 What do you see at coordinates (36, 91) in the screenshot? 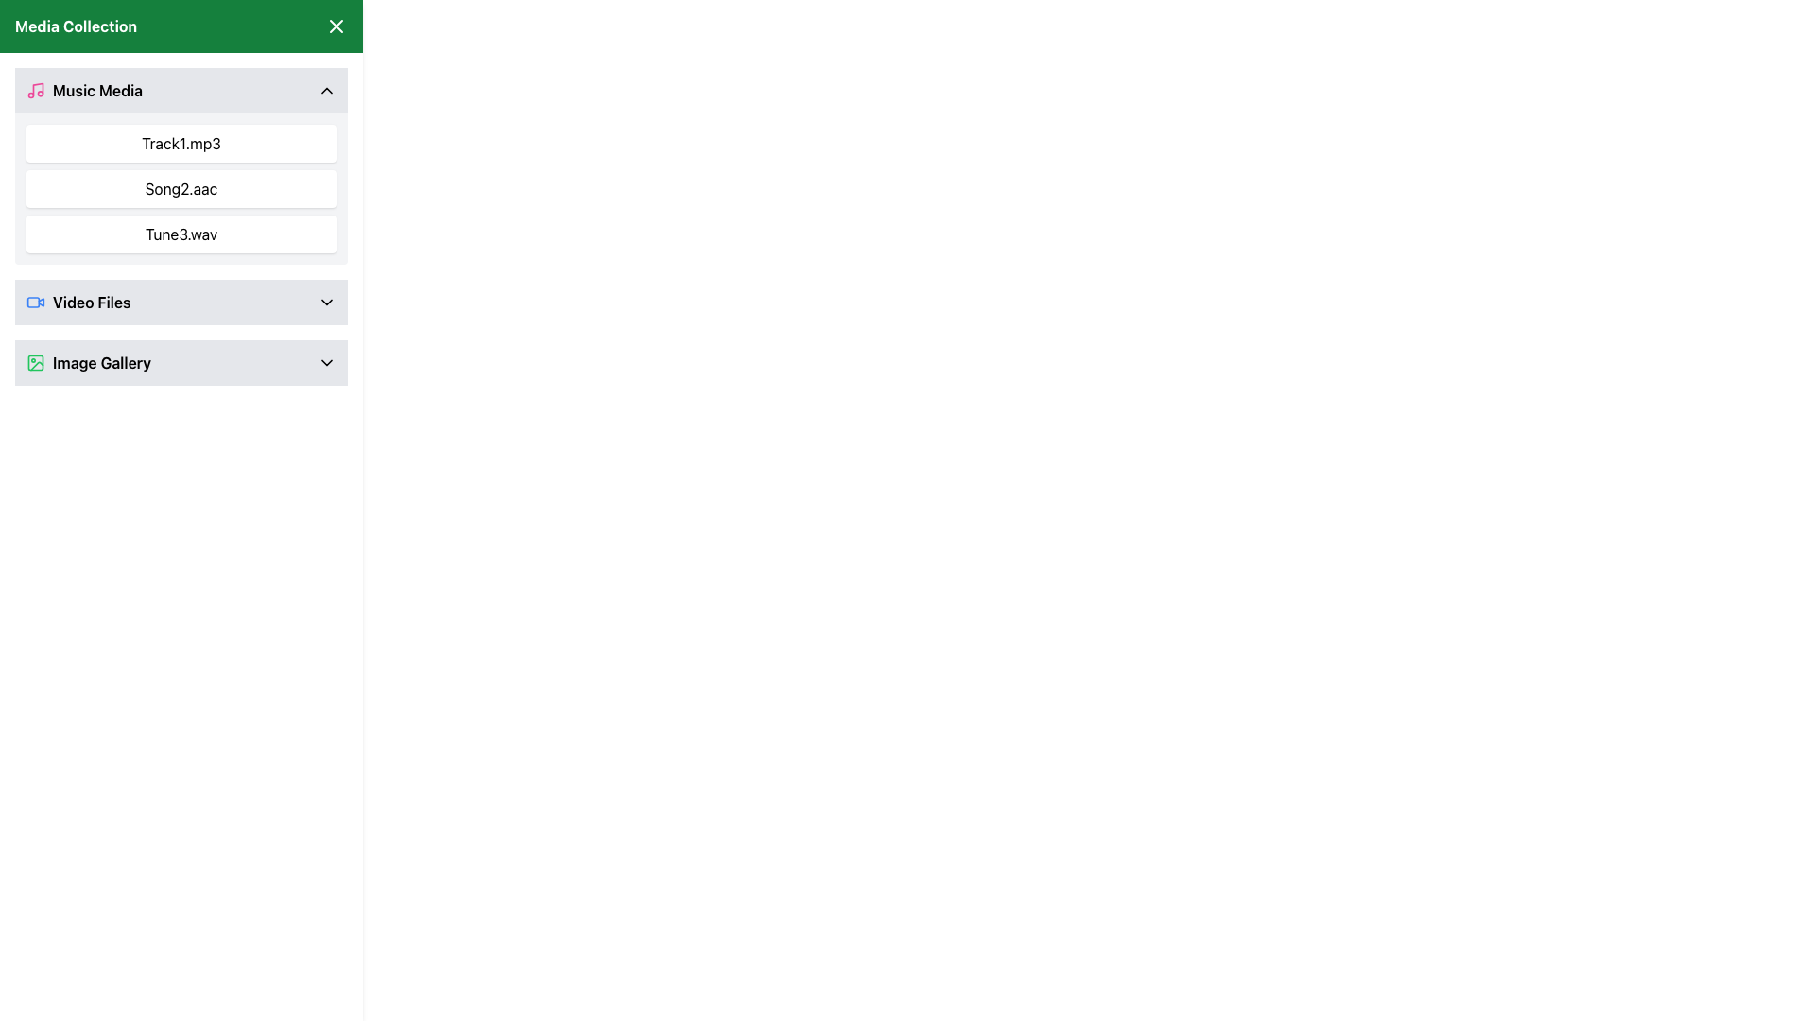
I see `the pink musical note icon` at bounding box center [36, 91].